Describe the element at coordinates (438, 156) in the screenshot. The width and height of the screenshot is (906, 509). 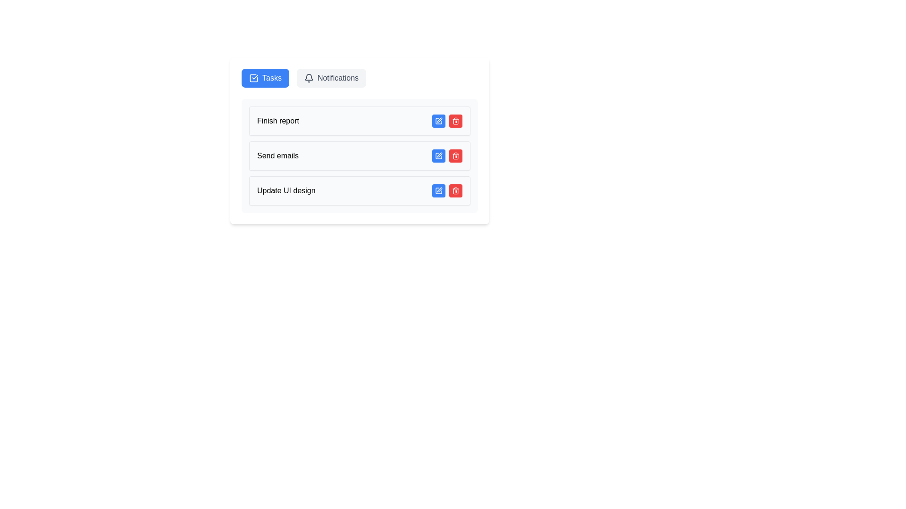
I see `the second edit button with a blue square icon and white pen graphic, which corresponds to the 'Send emails' task` at that location.